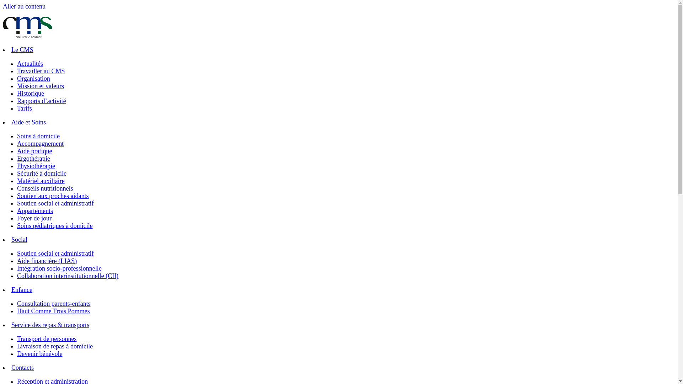 The width and height of the screenshot is (683, 384). I want to click on 'Foyer de jour', so click(34, 218).